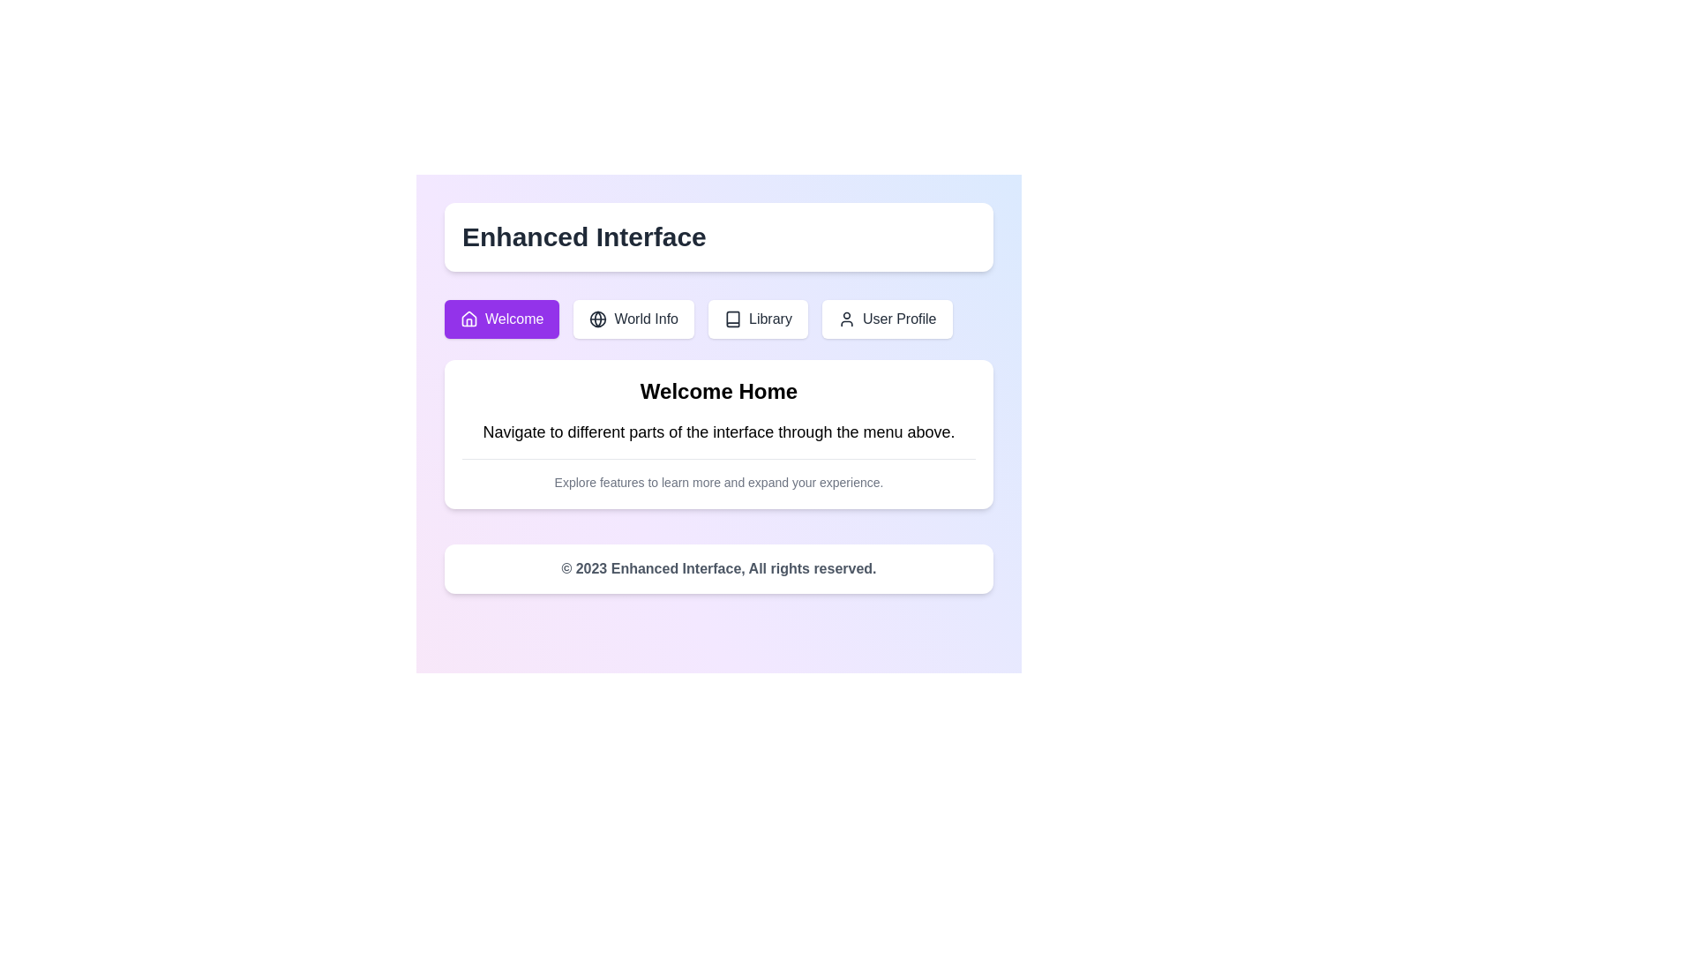 The width and height of the screenshot is (1694, 953). Describe the element at coordinates (584, 236) in the screenshot. I see `the text label or heading that serves as the title or headline, providing context about the content of the displayed interface` at that location.